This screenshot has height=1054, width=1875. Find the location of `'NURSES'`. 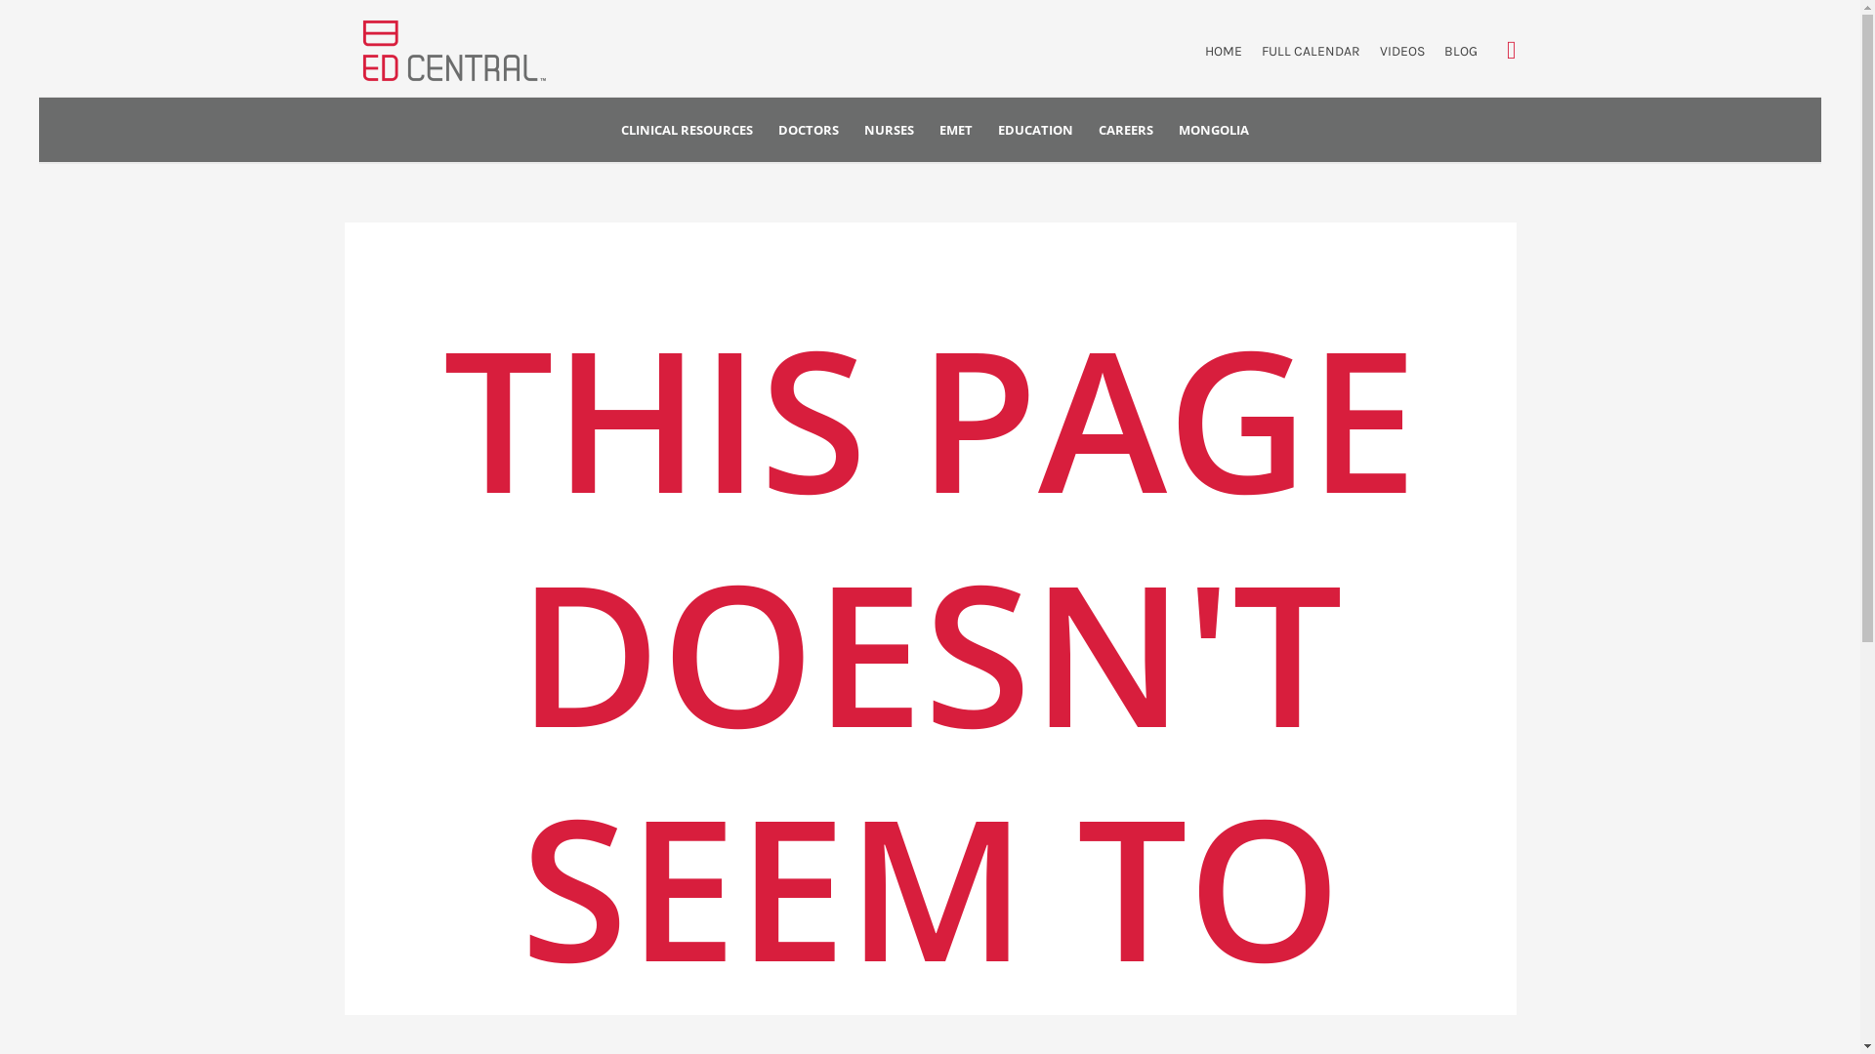

'NURSES' is located at coordinates (852, 130).